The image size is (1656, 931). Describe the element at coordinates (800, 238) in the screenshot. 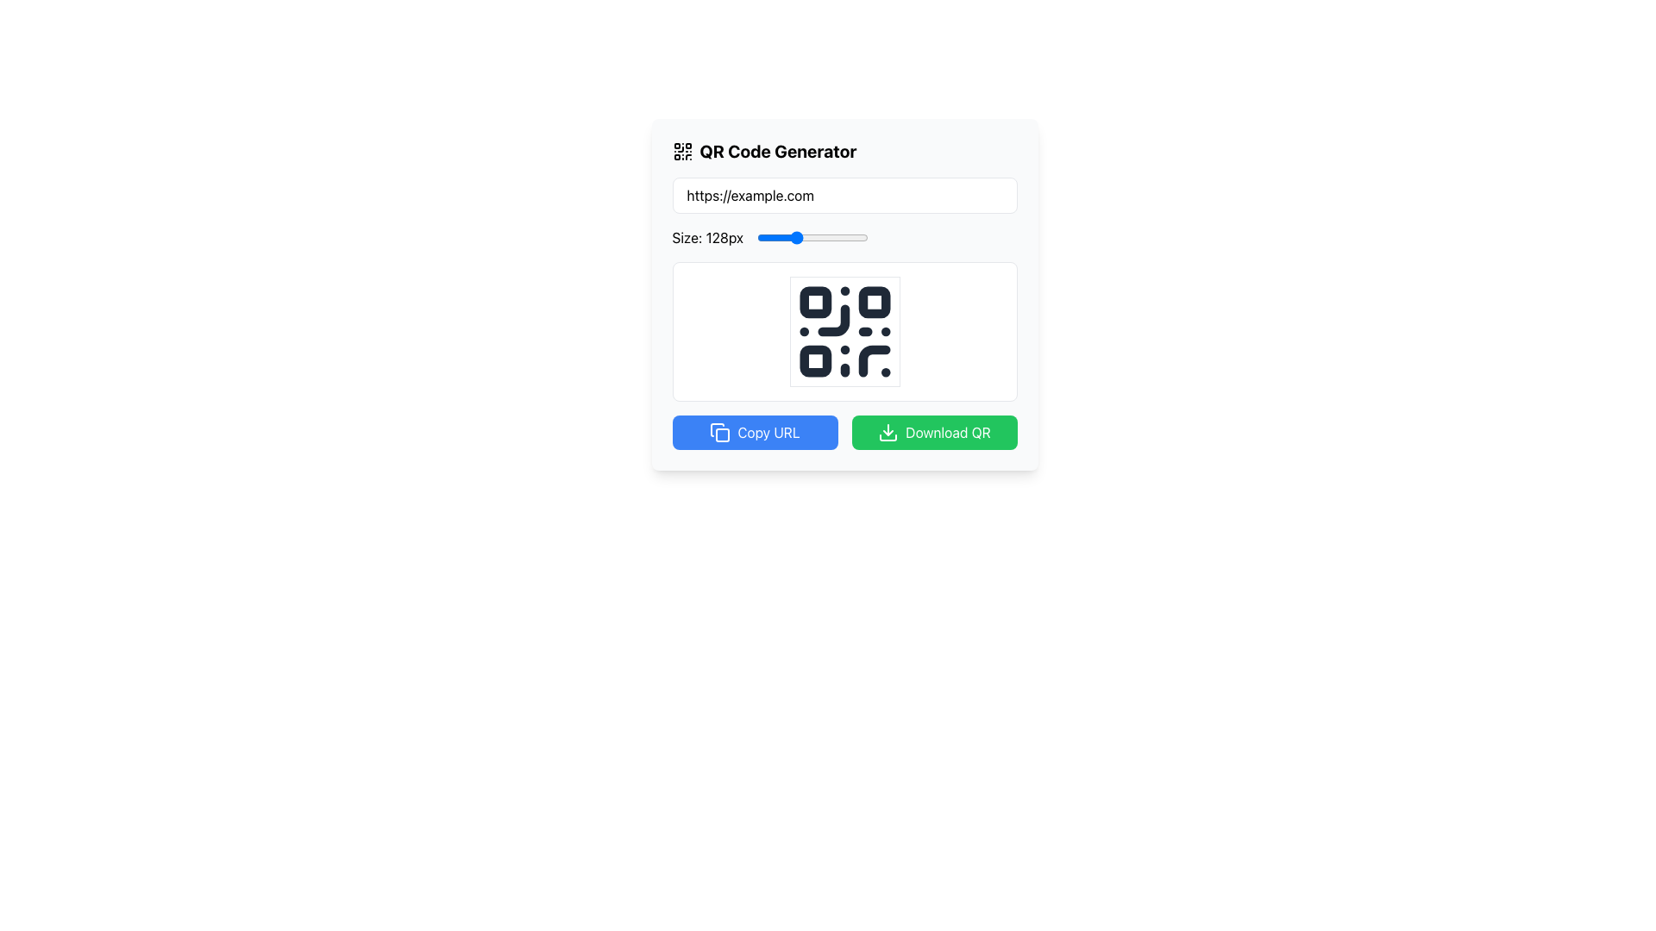

I see `the QR code size` at that location.